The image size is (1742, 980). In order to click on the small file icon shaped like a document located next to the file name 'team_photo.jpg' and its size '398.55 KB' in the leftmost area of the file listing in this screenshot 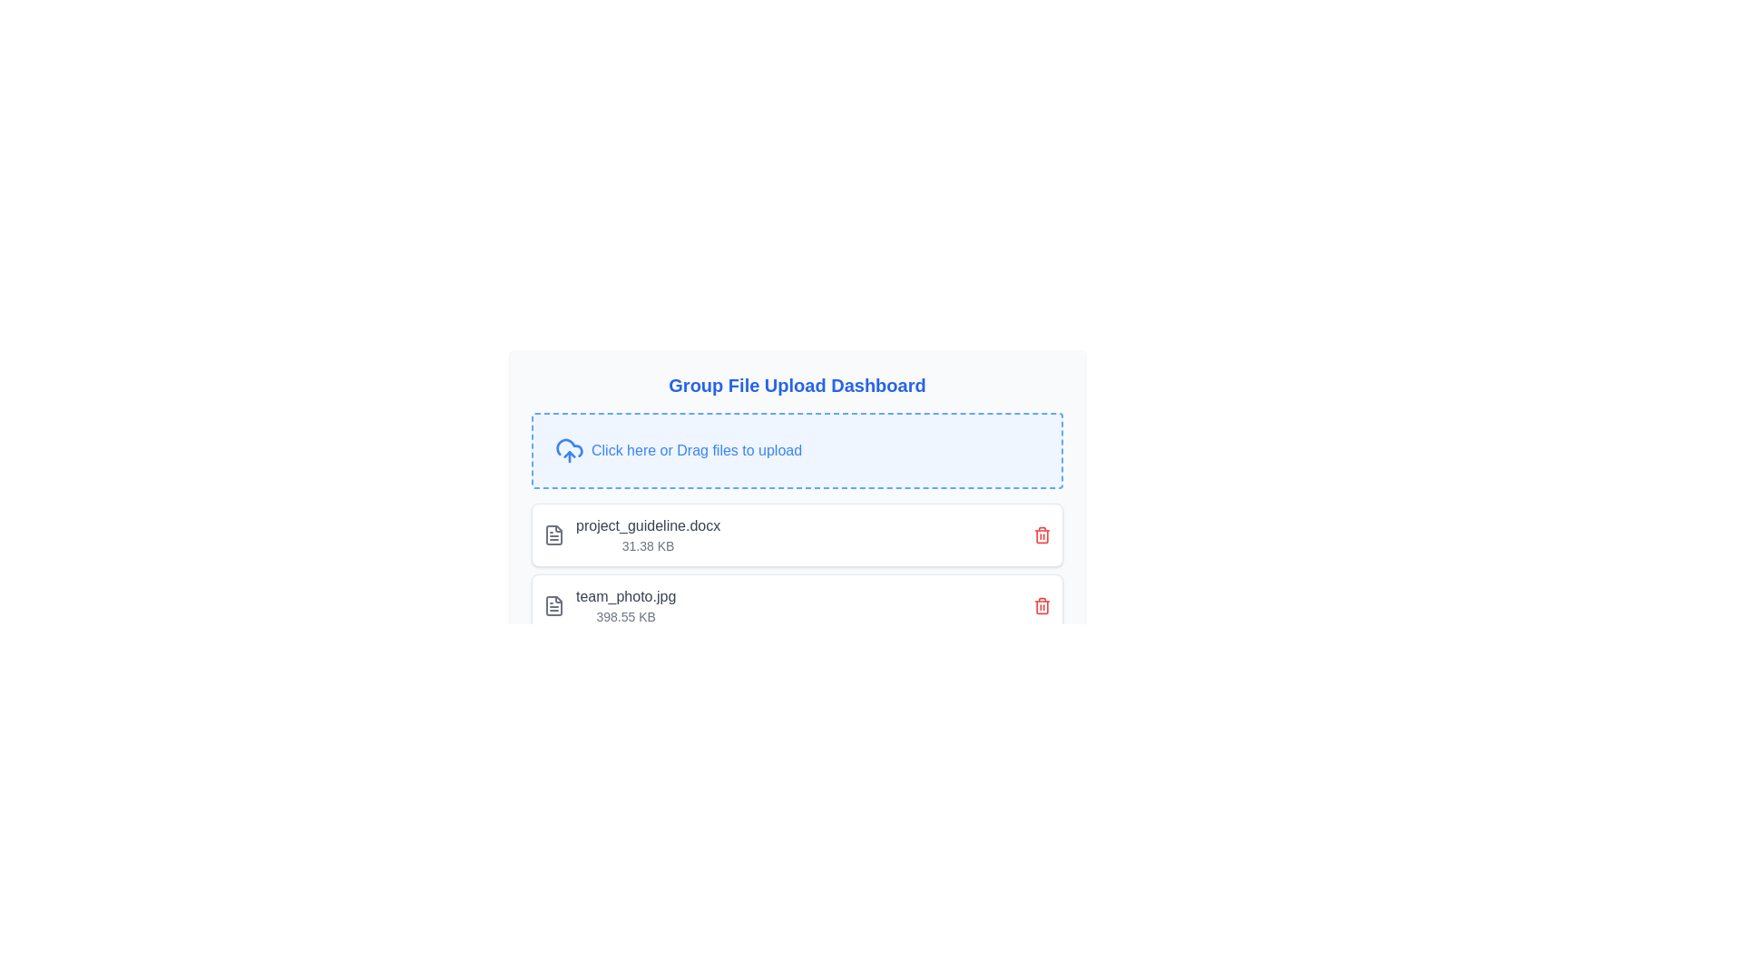, I will do `click(553, 605)`.